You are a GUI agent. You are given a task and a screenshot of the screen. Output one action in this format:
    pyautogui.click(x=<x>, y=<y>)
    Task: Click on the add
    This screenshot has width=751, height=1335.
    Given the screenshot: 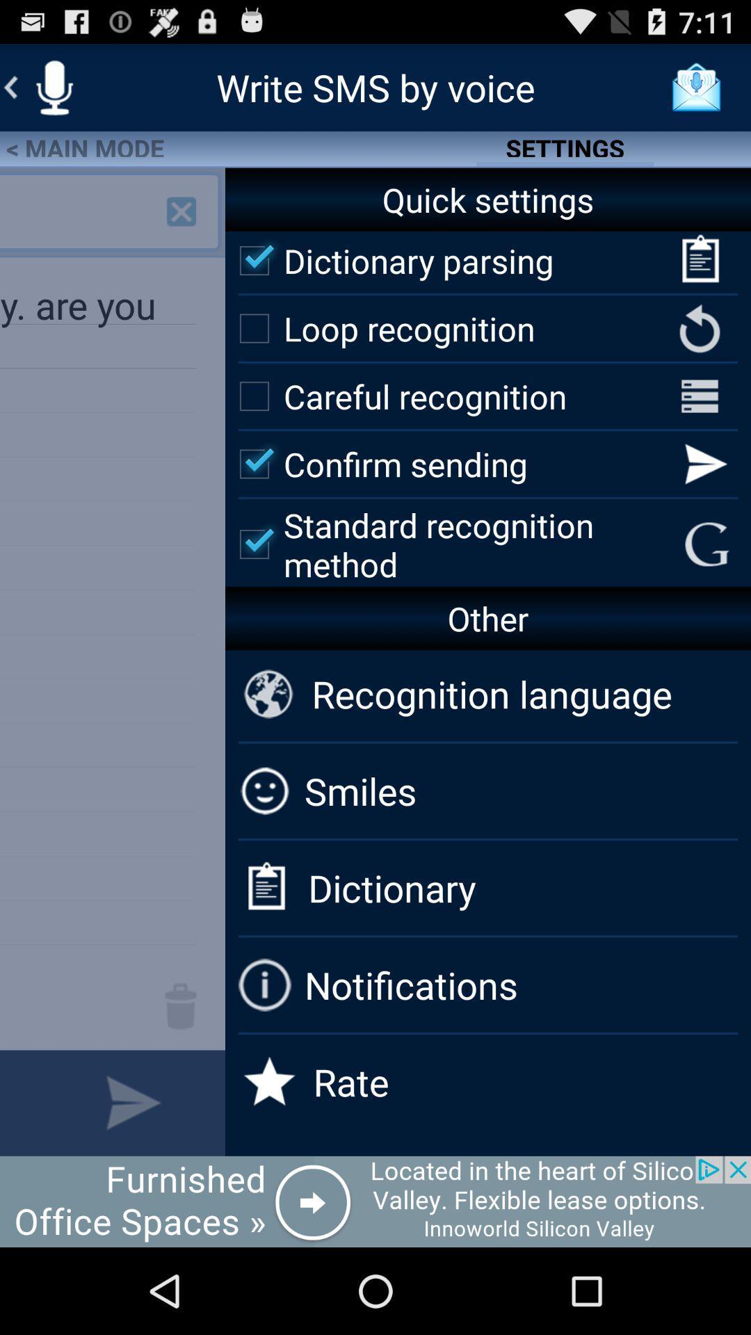 What is the action you would take?
    pyautogui.click(x=181, y=211)
    